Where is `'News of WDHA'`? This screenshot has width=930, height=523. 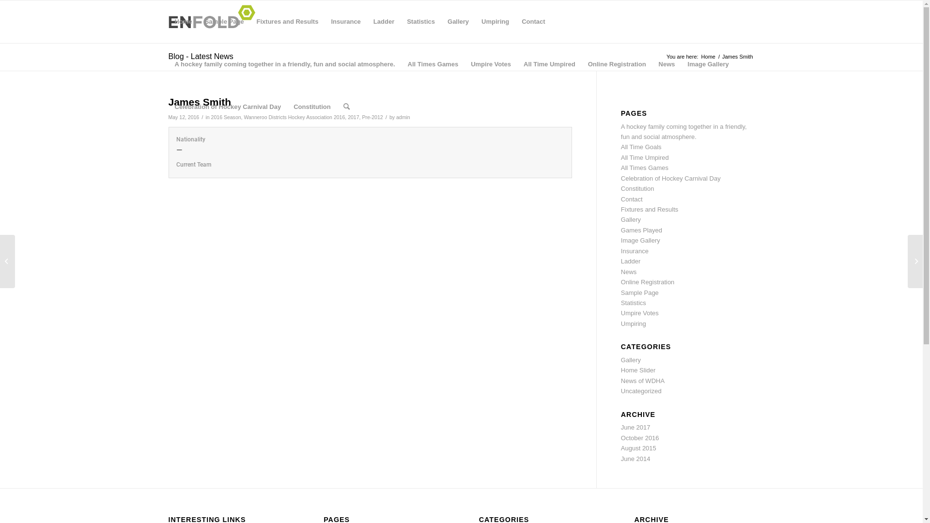
'News of WDHA' is located at coordinates (642, 380).